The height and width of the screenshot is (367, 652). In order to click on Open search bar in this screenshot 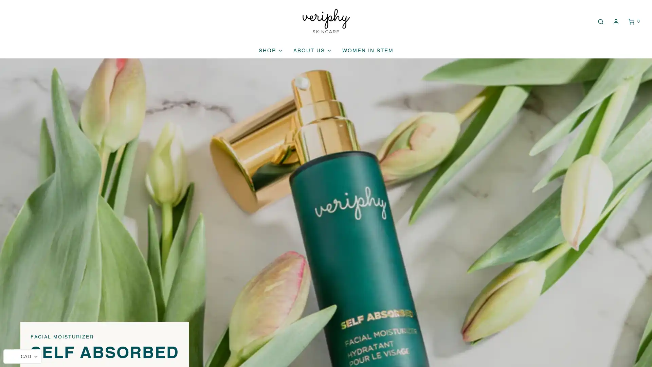, I will do `click(600, 21)`.